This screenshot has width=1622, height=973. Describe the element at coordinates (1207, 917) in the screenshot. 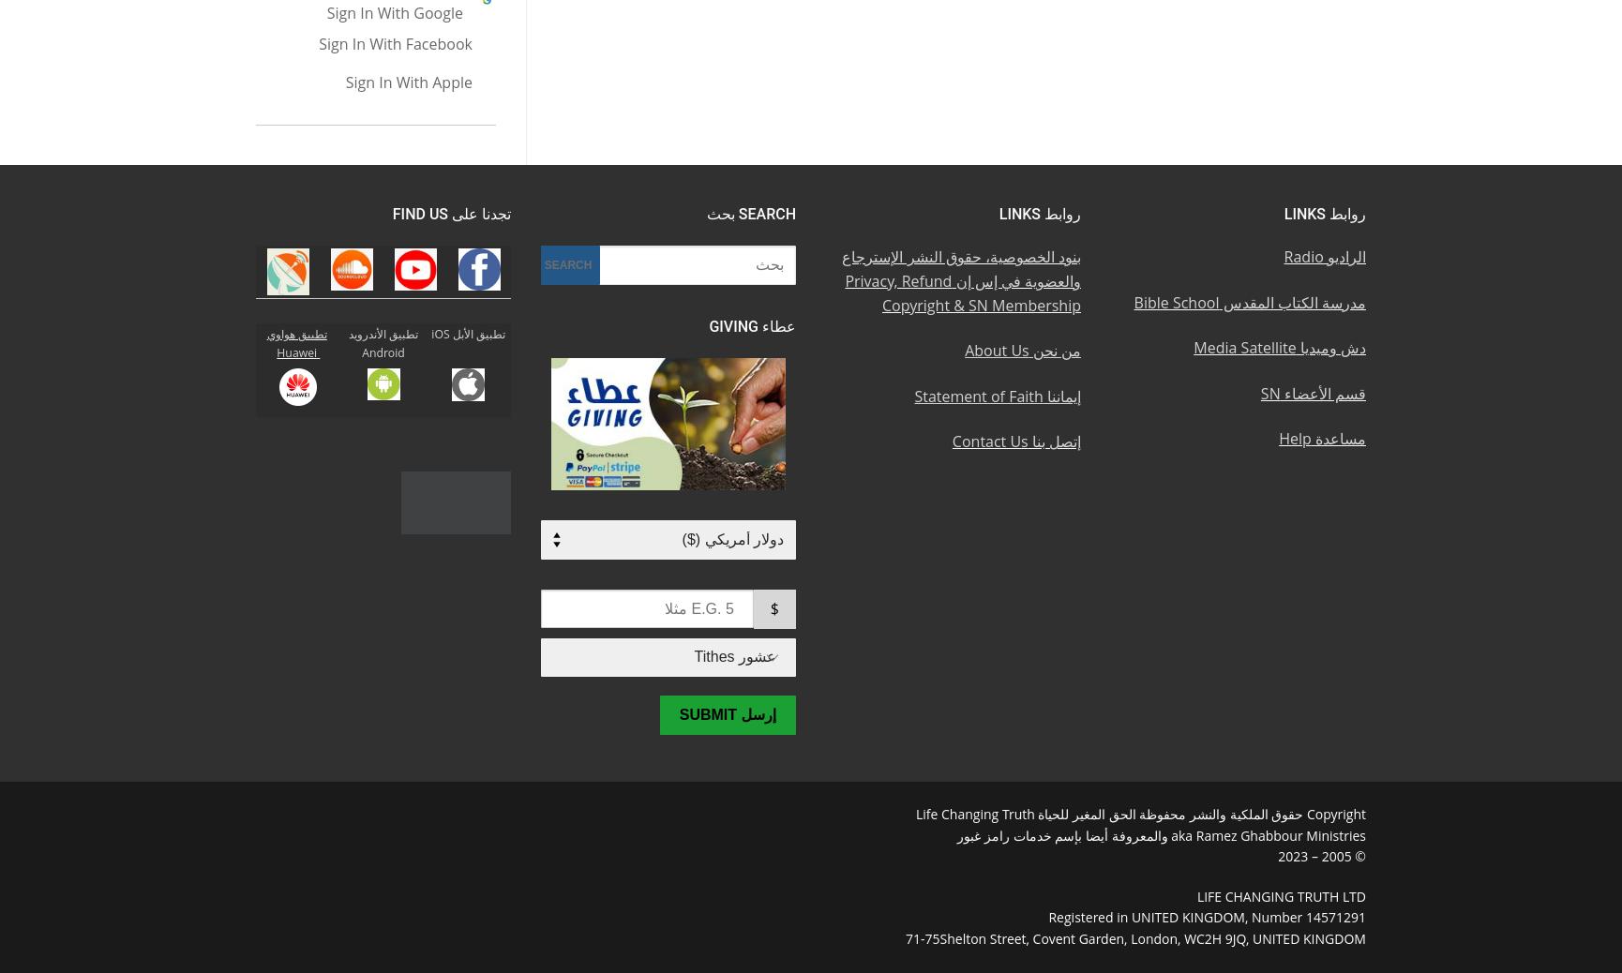

I see `'Registered in UNITED KINGDOM, Number 14571291'` at that location.